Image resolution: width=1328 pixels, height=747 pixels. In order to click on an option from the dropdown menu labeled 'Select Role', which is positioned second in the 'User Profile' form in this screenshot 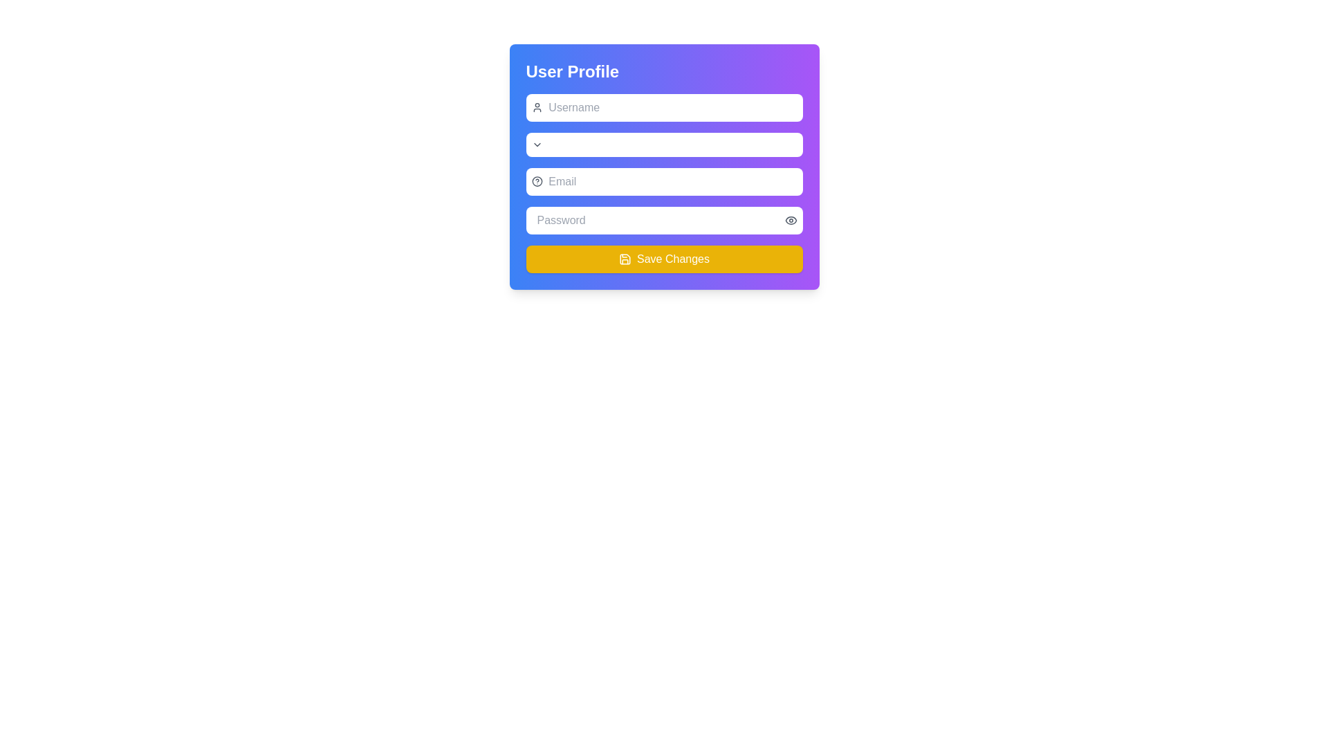, I will do `click(672, 145)`.